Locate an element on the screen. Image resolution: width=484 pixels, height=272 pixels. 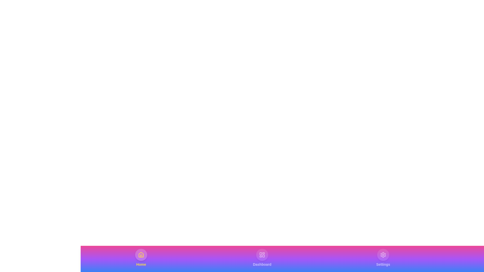
the Settings tab to see its hover effect is located at coordinates (383, 258).